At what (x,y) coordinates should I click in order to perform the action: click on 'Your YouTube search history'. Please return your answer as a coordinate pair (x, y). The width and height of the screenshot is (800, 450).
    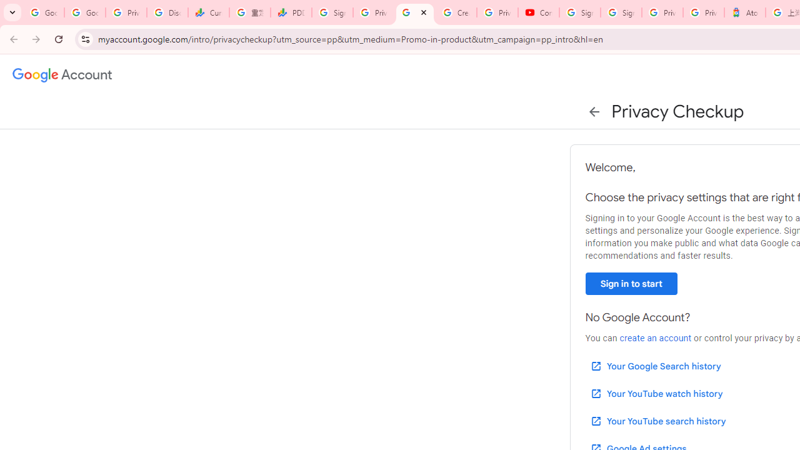
    Looking at the image, I should click on (657, 421).